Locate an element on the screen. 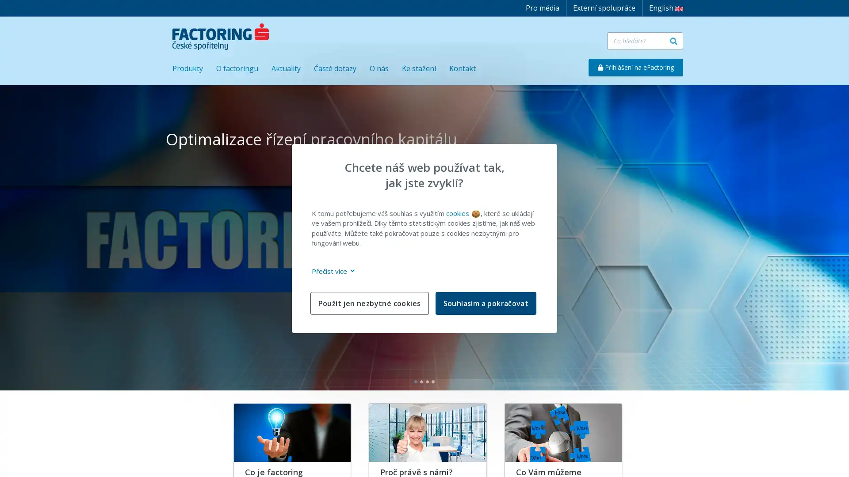 The height and width of the screenshot is (477, 849). Souhlasim a pokracovat is located at coordinates (485, 303).